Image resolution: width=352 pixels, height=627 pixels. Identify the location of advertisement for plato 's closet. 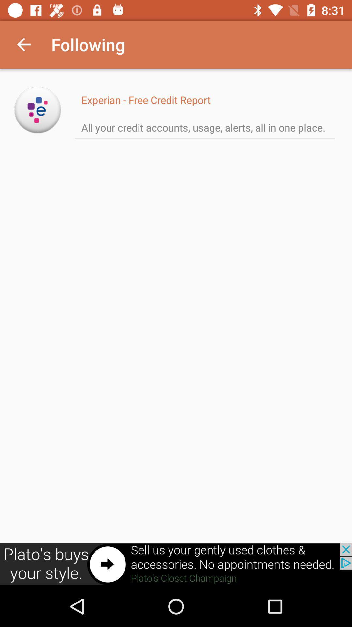
(176, 564).